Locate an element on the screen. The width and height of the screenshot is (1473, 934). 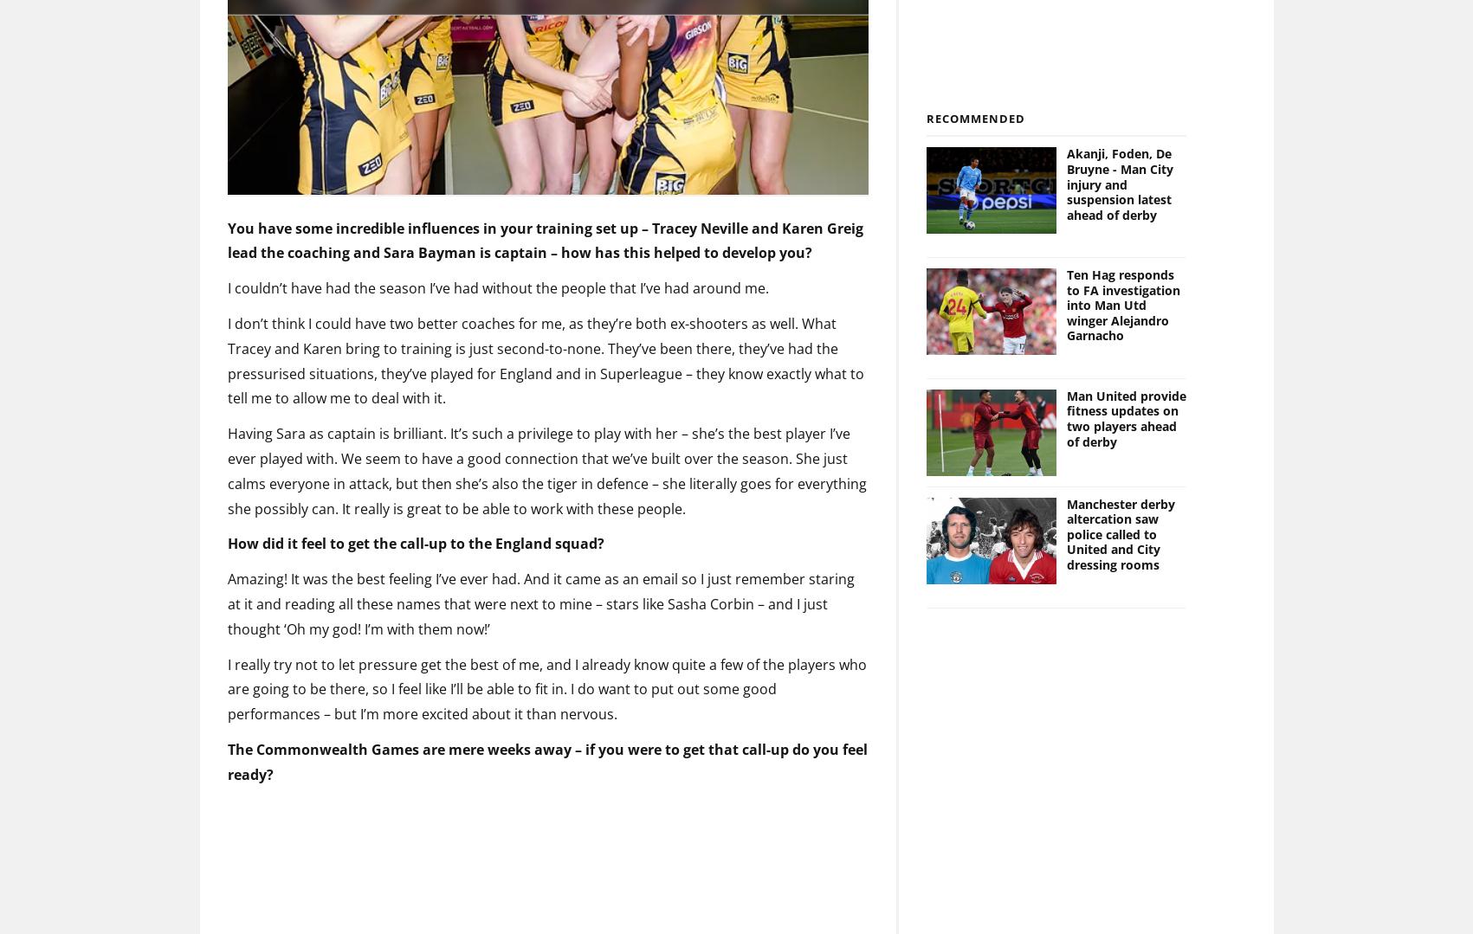
'Manchester derby altercation saw police called to United and City dressing rooms' is located at coordinates (1121, 505).